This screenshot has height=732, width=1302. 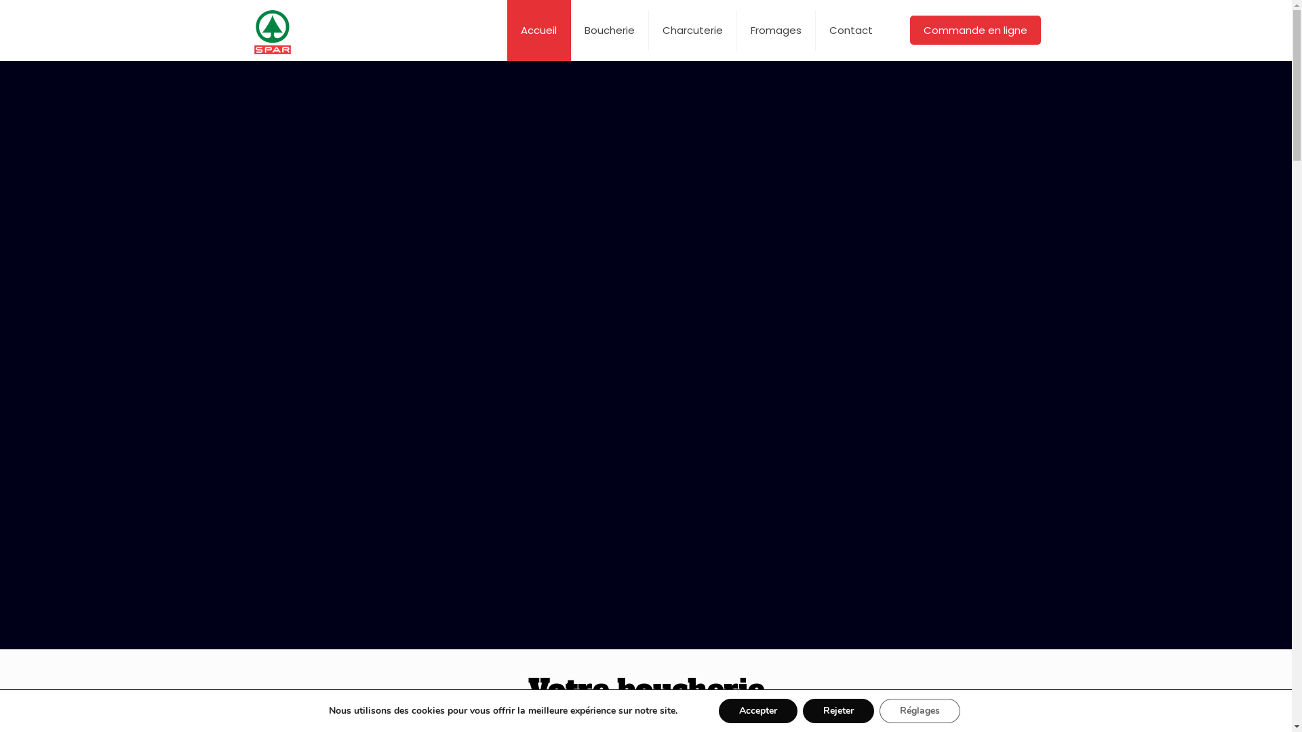 What do you see at coordinates (693, 30) in the screenshot?
I see `'Charcuterie'` at bounding box center [693, 30].